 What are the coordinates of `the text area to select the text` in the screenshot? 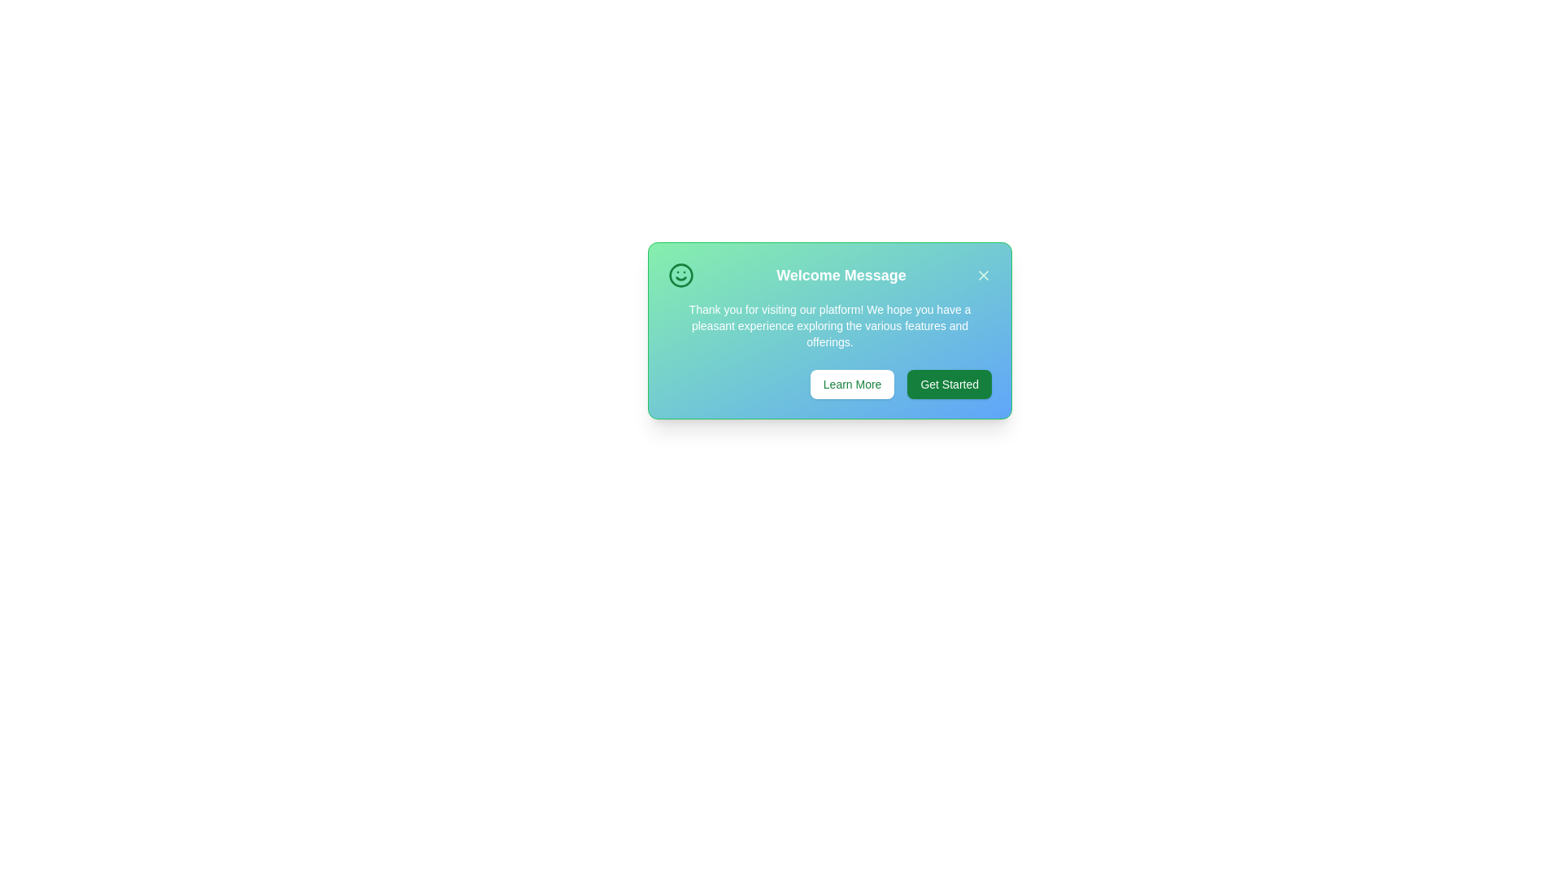 It's located at (830, 330).